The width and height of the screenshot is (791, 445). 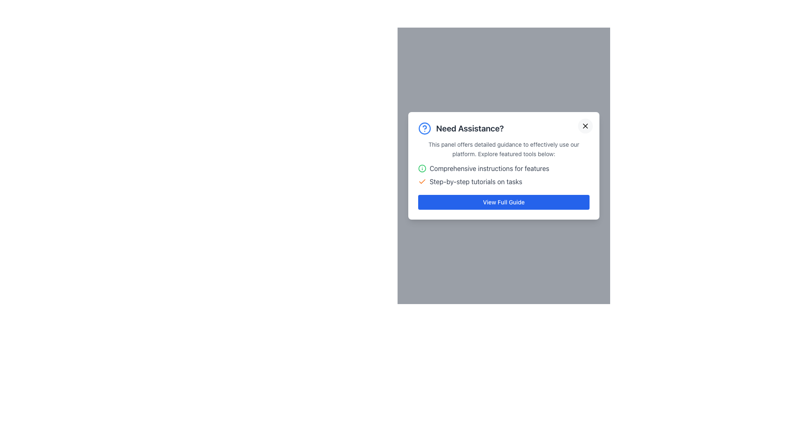 I want to click on the close icon button represented by a cross (X) in the upper-right corner of the 'Need Assistance?' dialog, so click(x=585, y=126).